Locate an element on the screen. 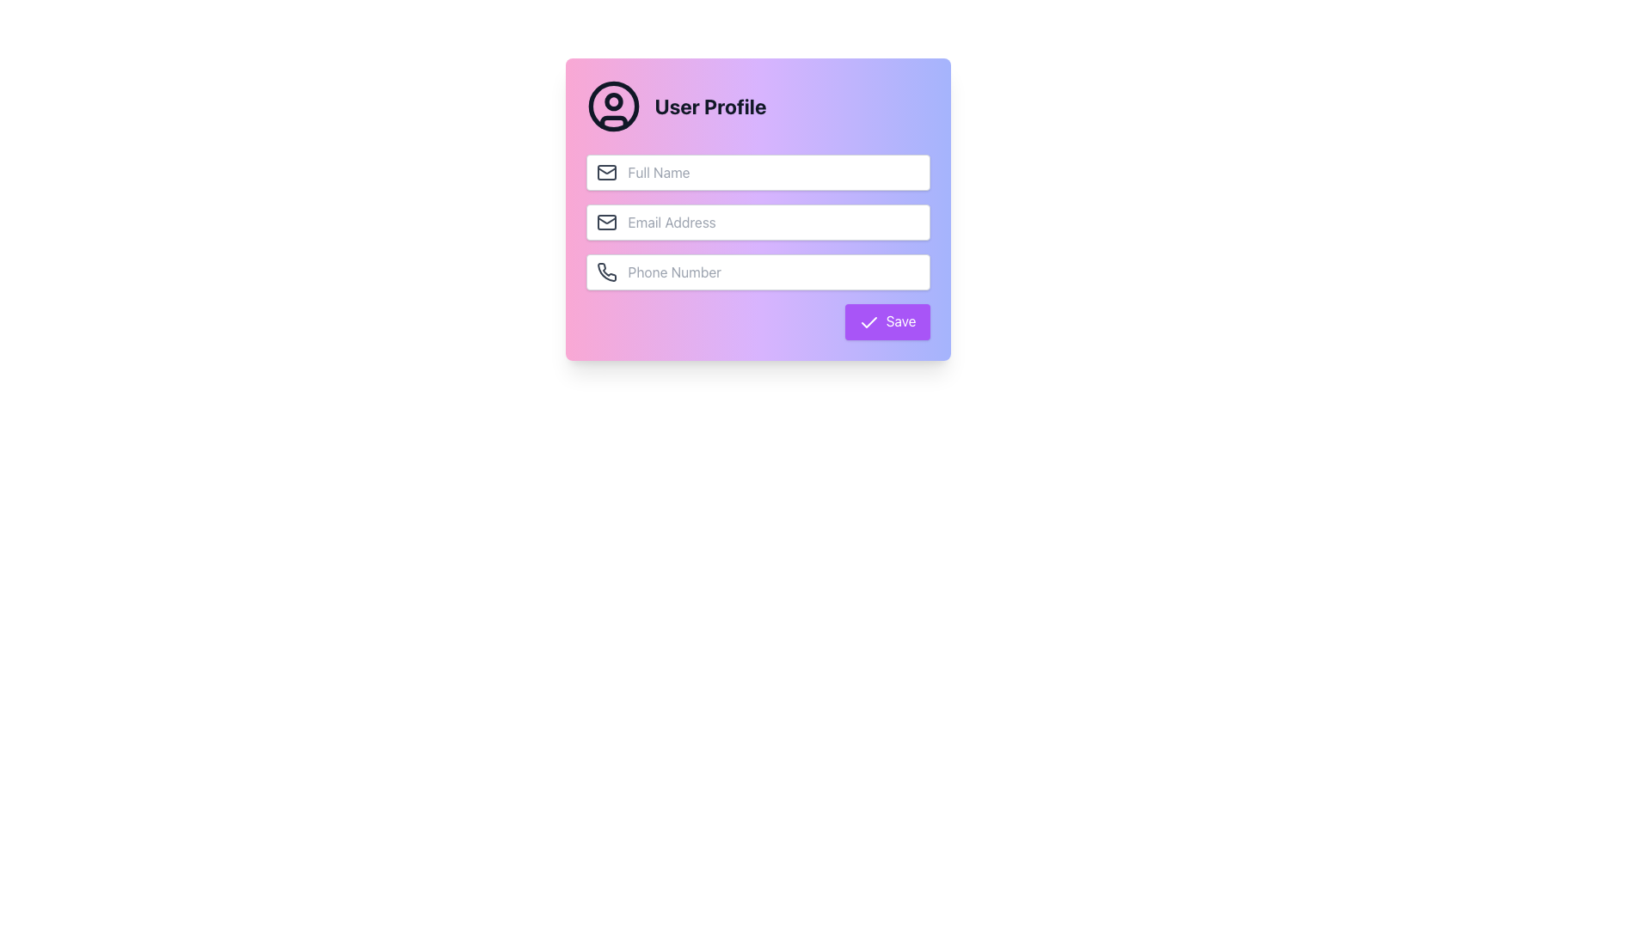  the envelope icon located to the left of the 'Full Name' form field, which symbolizes mail or messages is located at coordinates (606, 172).